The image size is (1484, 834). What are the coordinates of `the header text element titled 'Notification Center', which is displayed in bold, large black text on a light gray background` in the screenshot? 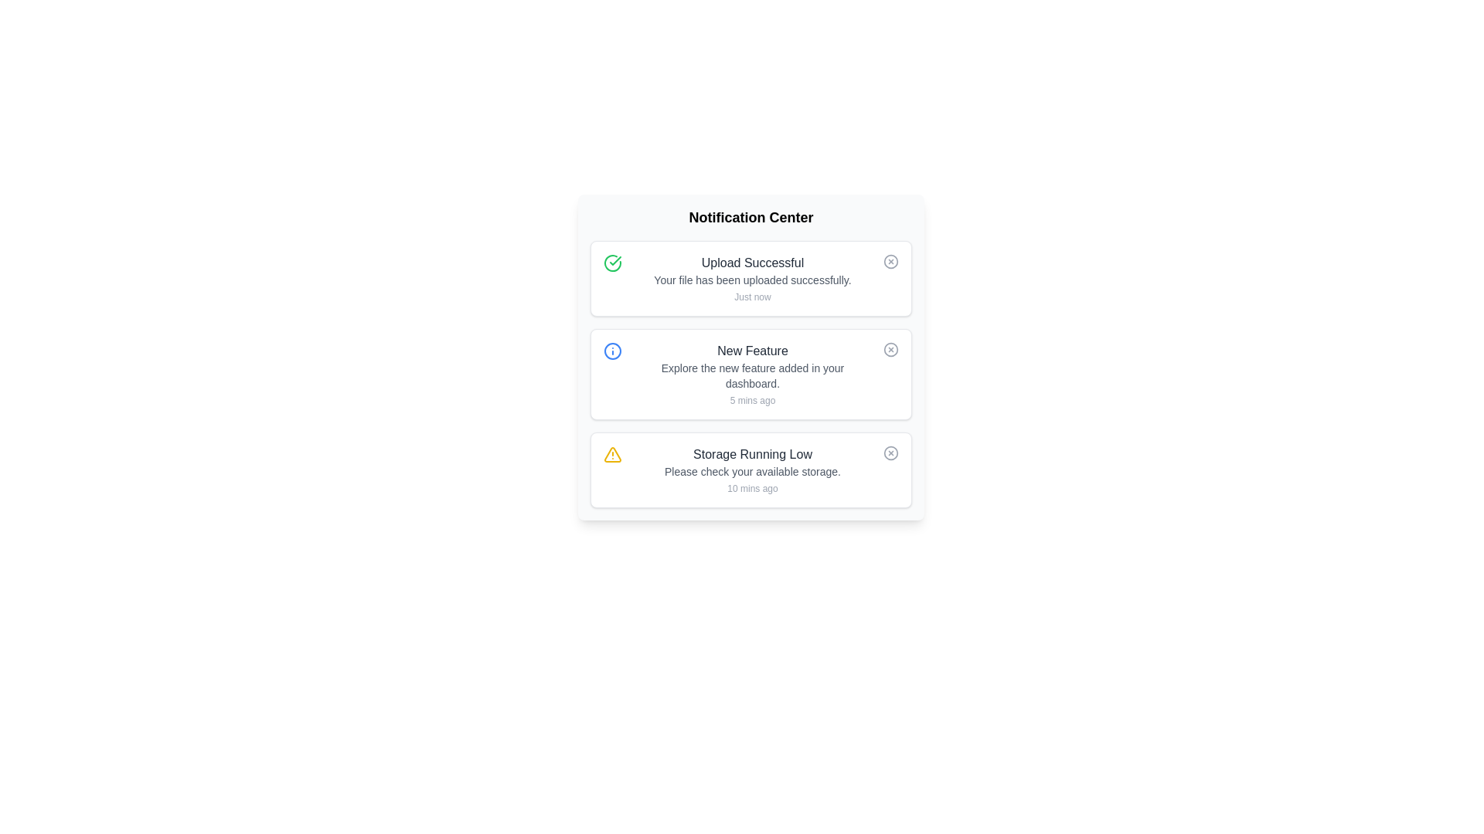 It's located at (751, 217).